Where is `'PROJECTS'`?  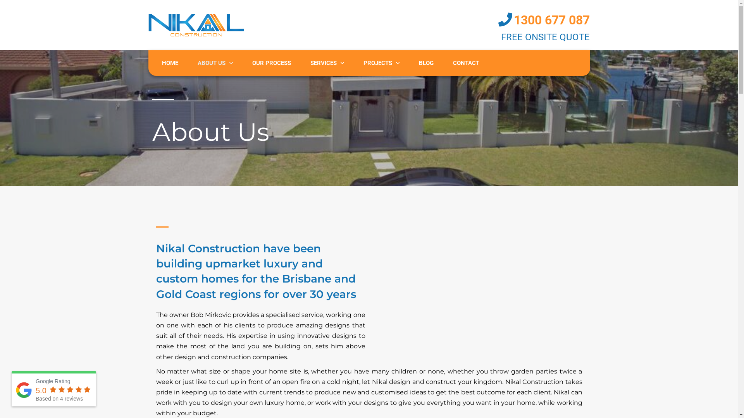 'PROJECTS' is located at coordinates (381, 62).